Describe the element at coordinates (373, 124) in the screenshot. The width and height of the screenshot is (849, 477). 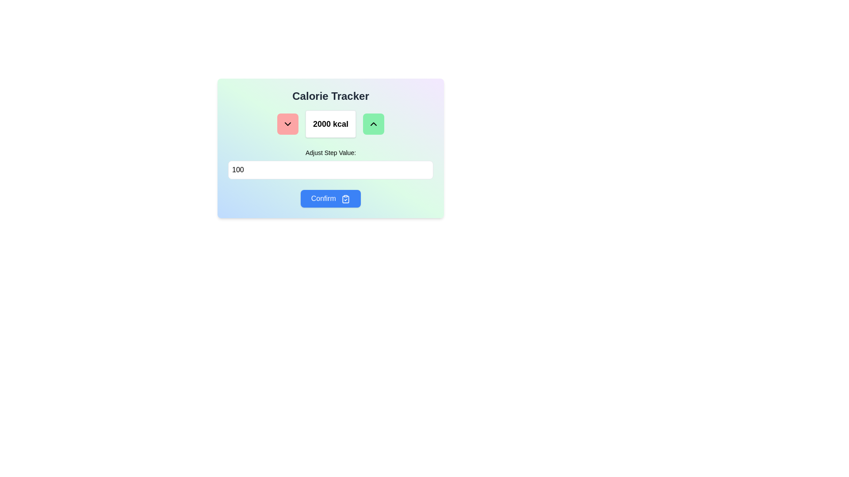
I see `the green button with rounded corners and an upward-pointing arrow icon located on the right side of the 'Calorie Tracker' panel` at that location.